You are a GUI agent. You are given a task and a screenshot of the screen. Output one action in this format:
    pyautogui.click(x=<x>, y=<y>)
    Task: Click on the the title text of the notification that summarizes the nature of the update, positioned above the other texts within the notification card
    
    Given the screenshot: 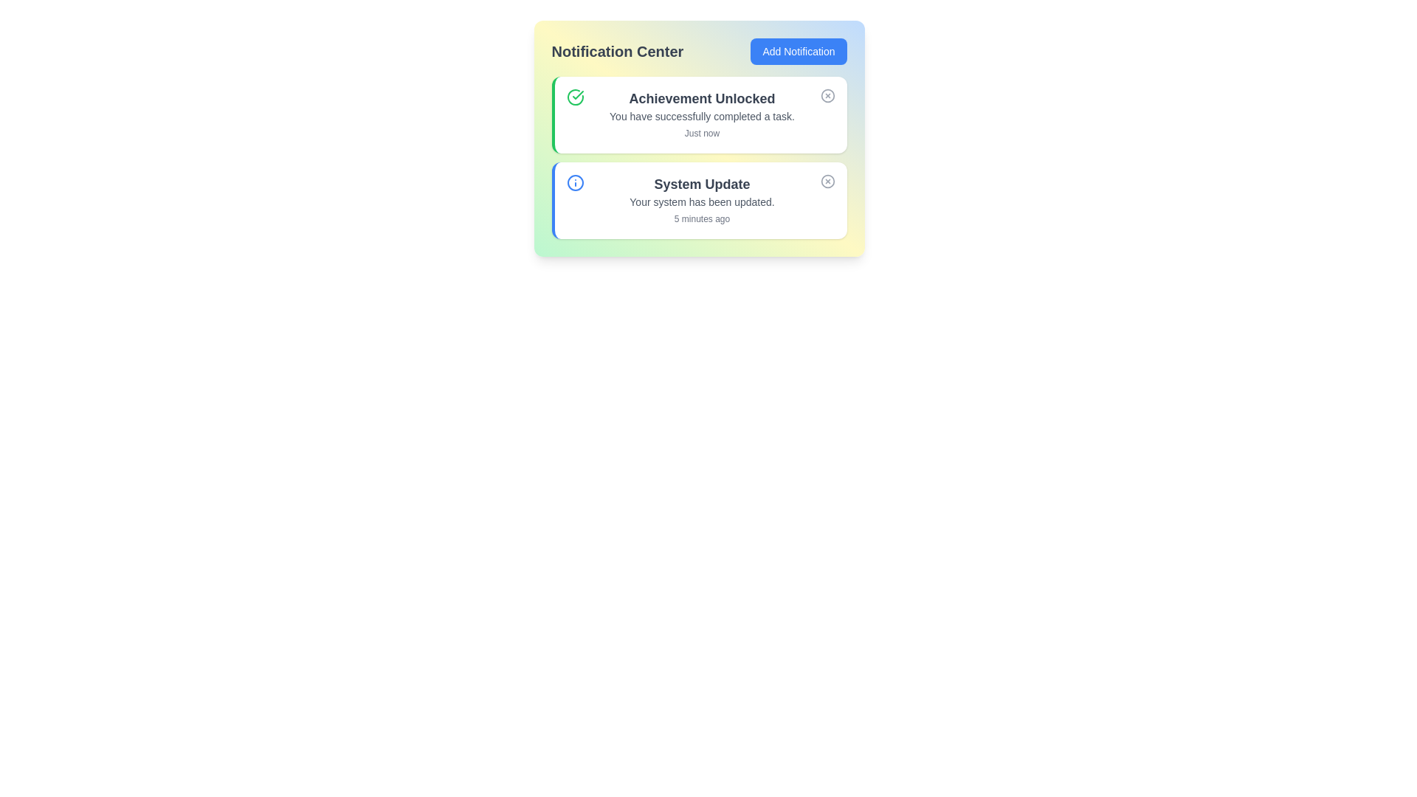 What is the action you would take?
    pyautogui.click(x=701, y=184)
    